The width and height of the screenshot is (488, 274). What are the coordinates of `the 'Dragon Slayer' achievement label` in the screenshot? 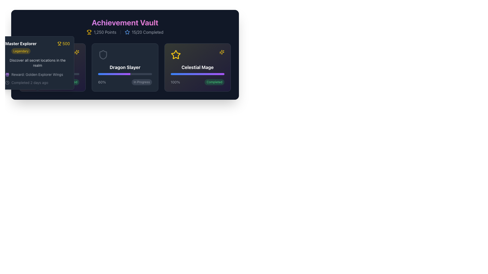 It's located at (125, 67).